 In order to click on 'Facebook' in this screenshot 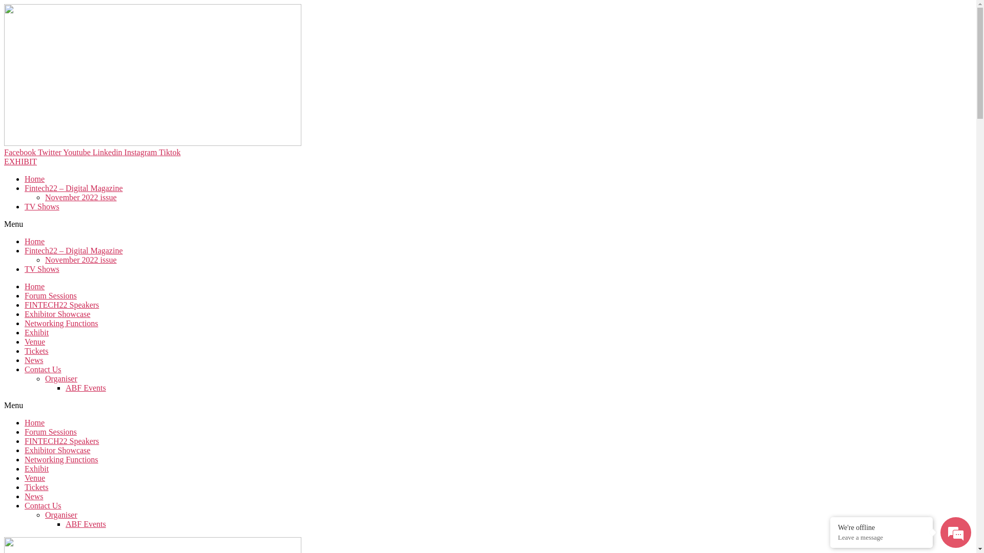, I will do `click(4, 152)`.